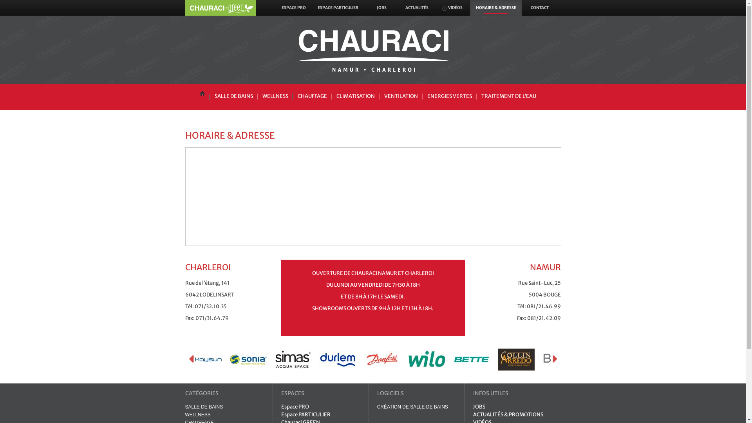 The image size is (752, 423). Describe the element at coordinates (479, 406) in the screenshot. I see `'JOBS'` at that location.